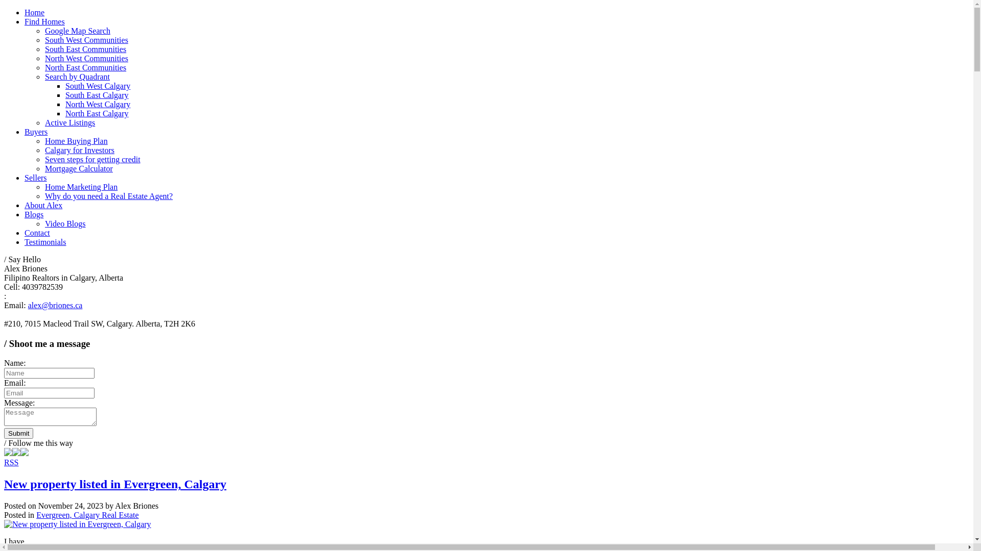  I want to click on 'North West Calgary', so click(98, 104).